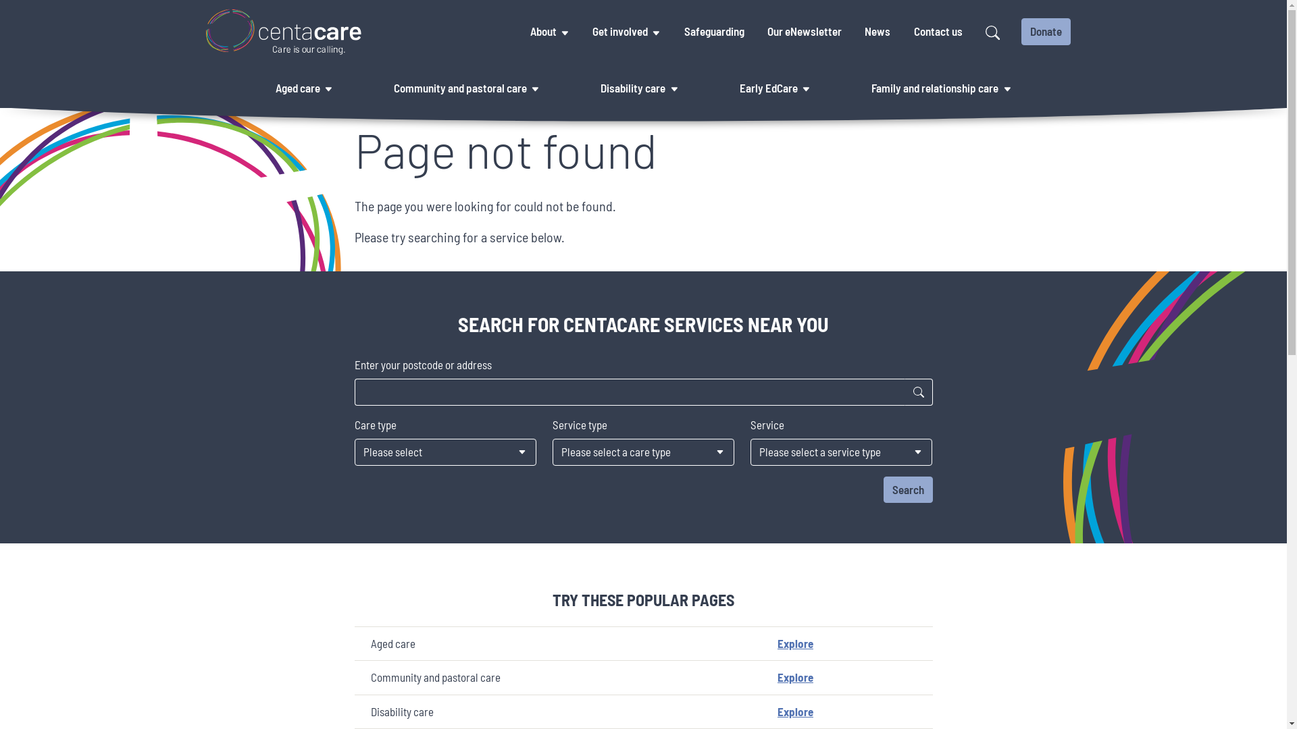 This screenshot has width=1297, height=729. What do you see at coordinates (736, 88) in the screenshot?
I see `'Early EdCare'` at bounding box center [736, 88].